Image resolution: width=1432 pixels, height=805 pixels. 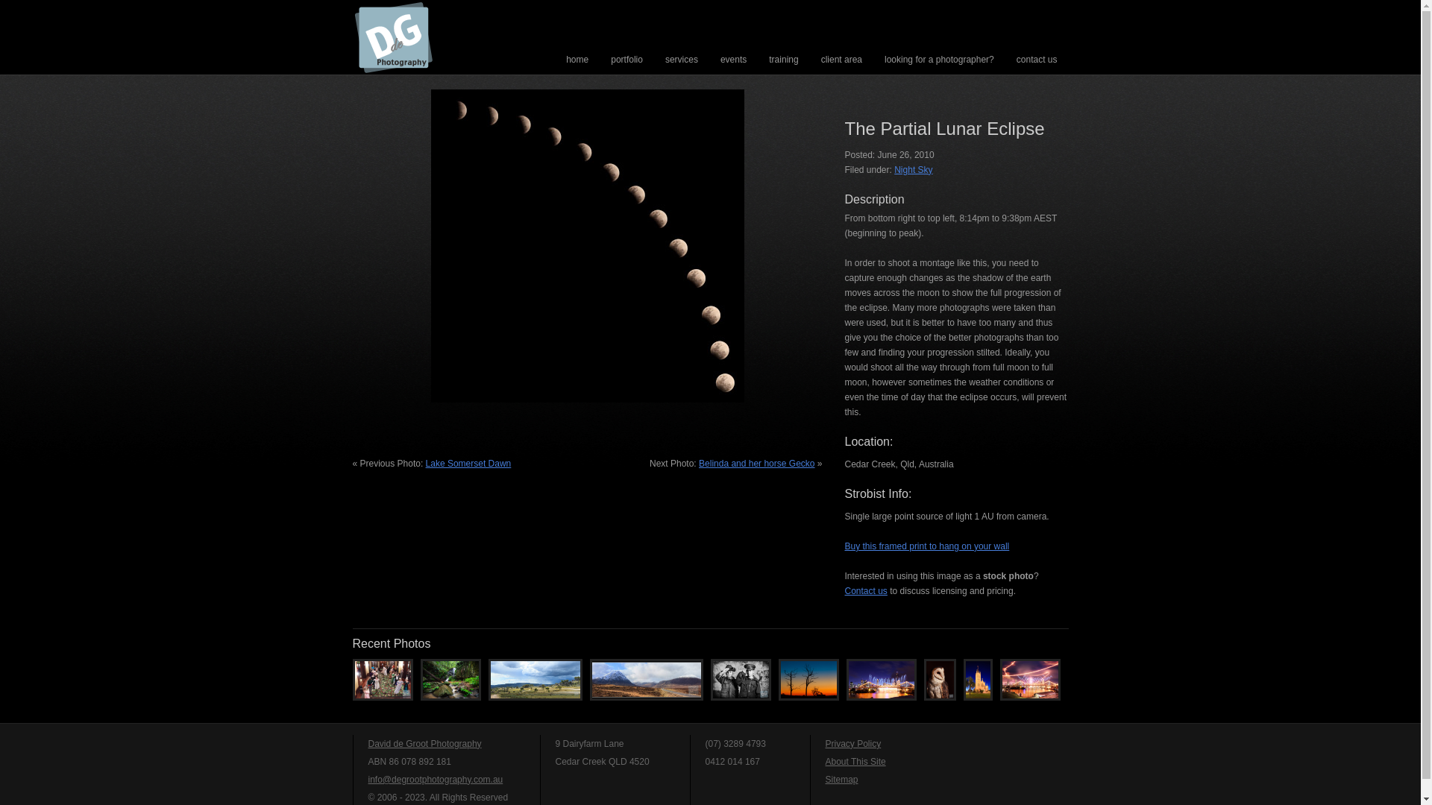 What do you see at coordinates (782, 60) in the screenshot?
I see `'training'` at bounding box center [782, 60].